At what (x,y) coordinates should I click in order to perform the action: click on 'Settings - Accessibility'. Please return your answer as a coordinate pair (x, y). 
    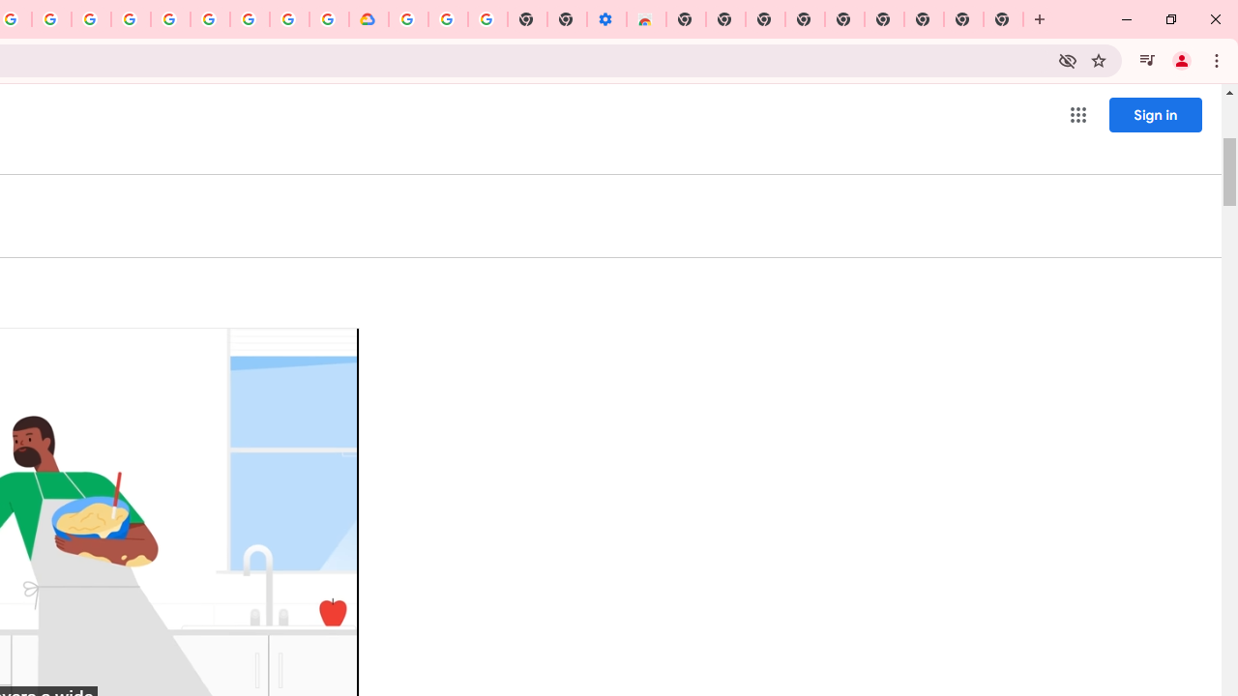
    Looking at the image, I should click on (605, 19).